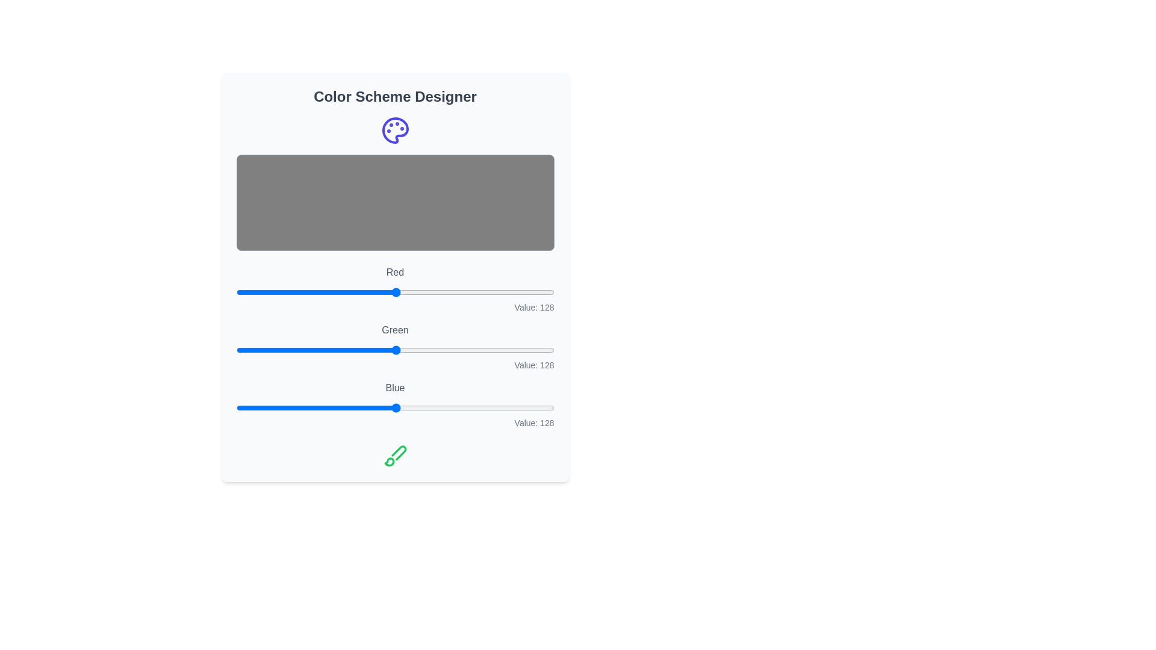 The image size is (1156, 650). What do you see at coordinates (243, 407) in the screenshot?
I see `the blue color value` at bounding box center [243, 407].